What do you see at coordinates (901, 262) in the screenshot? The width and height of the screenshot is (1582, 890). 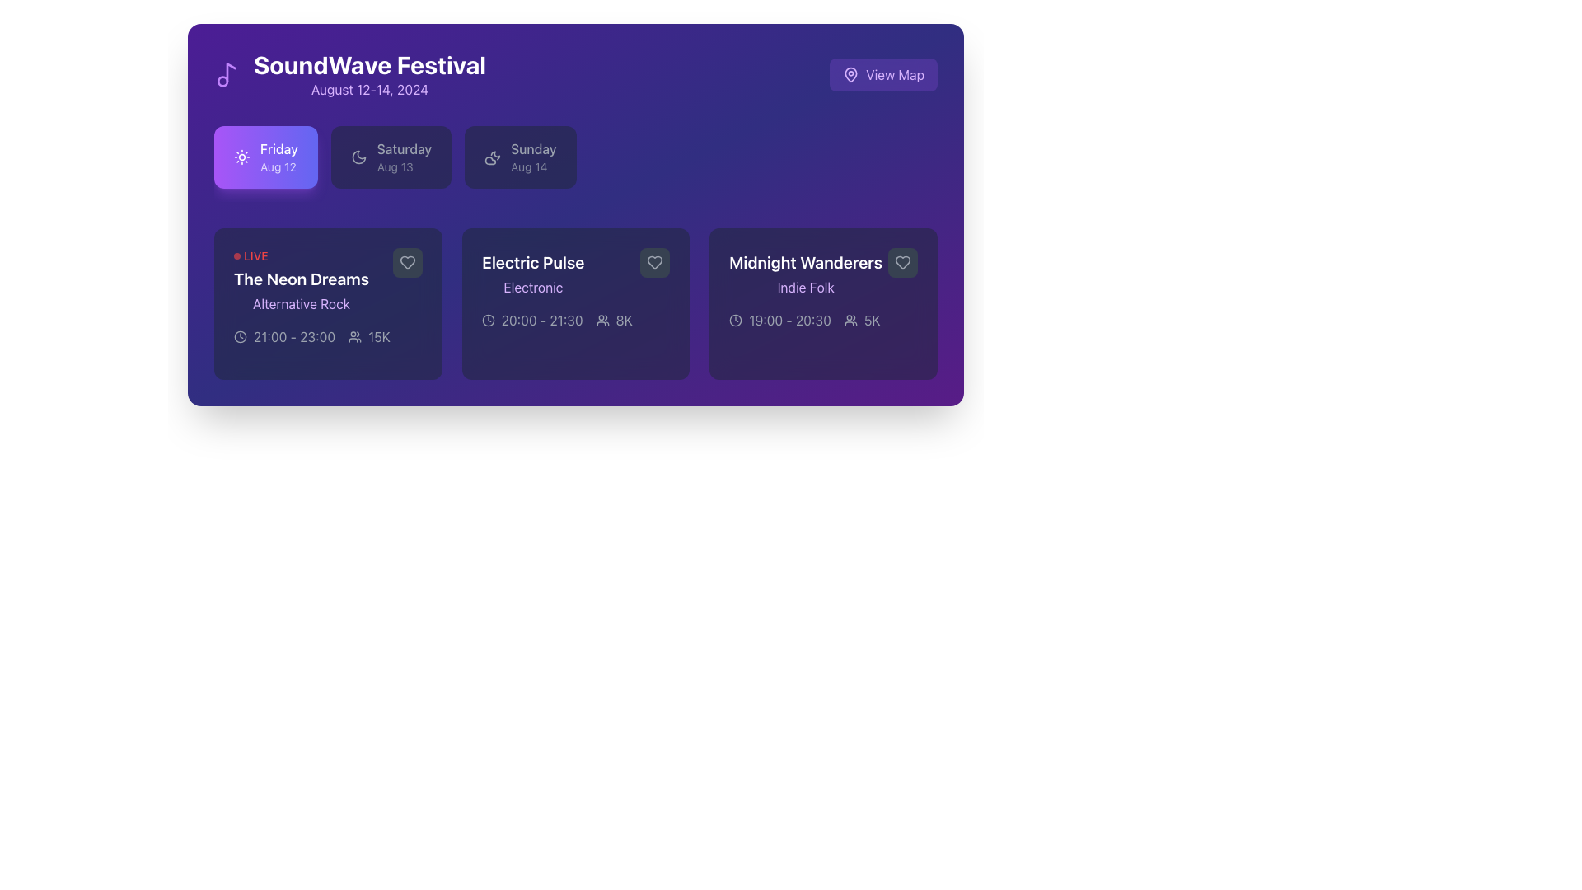 I see `the 'like' icon located in the bottom-right corner of the 'Midnight Wanderers' section` at bounding box center [901, 262].